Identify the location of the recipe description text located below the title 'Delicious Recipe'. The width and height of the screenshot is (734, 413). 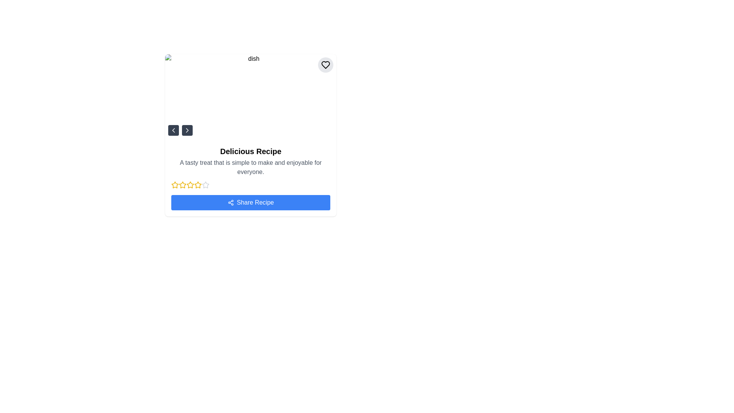
(251, 167).